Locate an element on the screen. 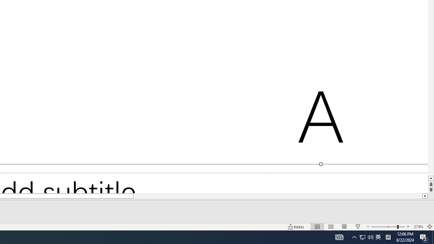 This screenshot has height=244, width=434. 'Zoom 274%' is located at coordinates (418, 227).